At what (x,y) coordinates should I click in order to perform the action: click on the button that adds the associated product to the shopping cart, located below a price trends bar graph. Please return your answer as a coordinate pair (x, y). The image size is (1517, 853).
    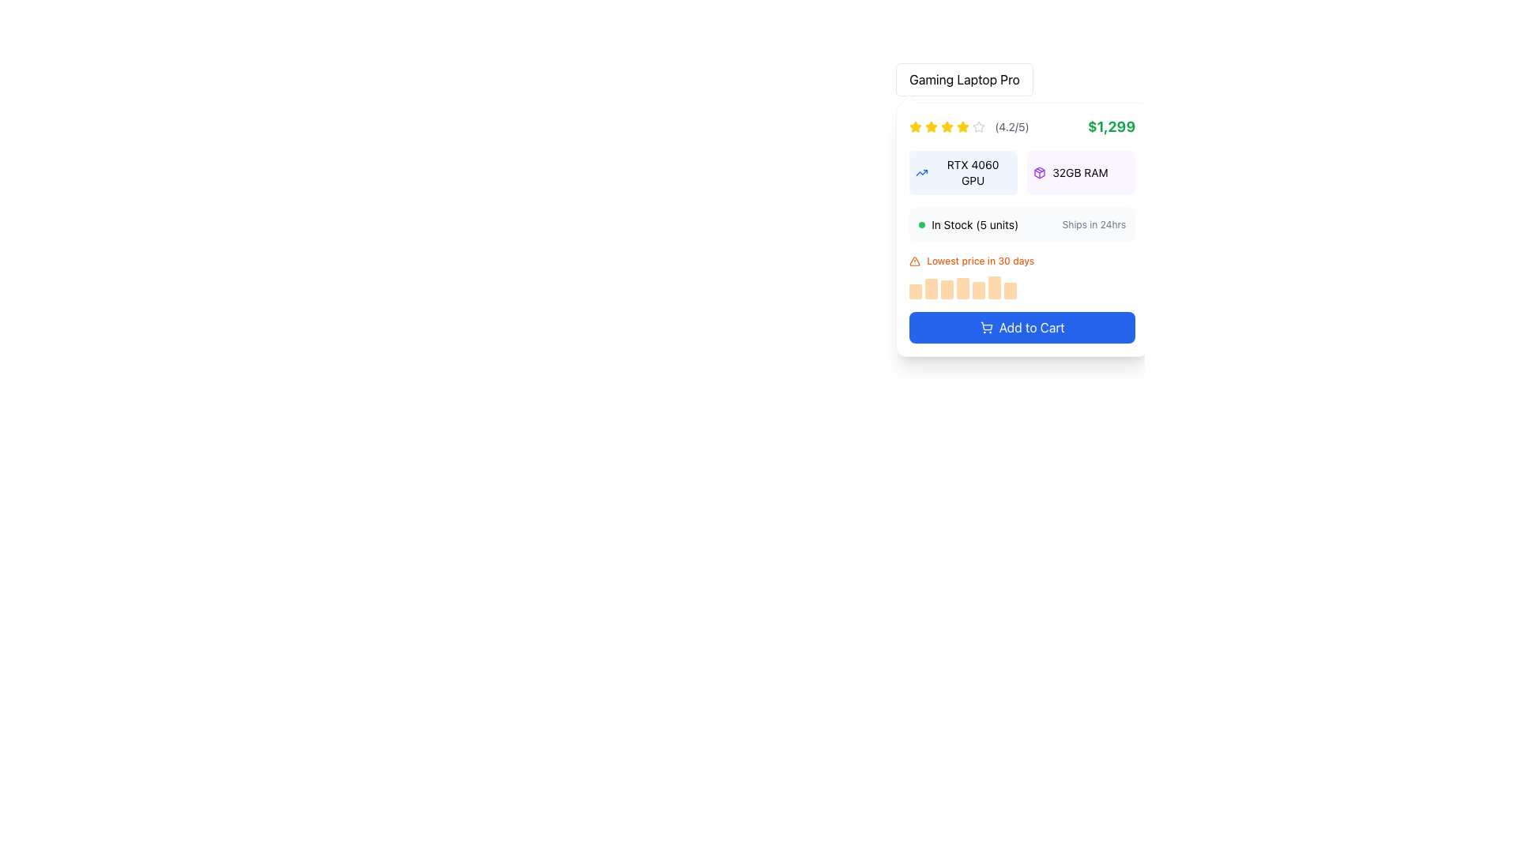
    Looking at the image, I should click on (1022, 327).